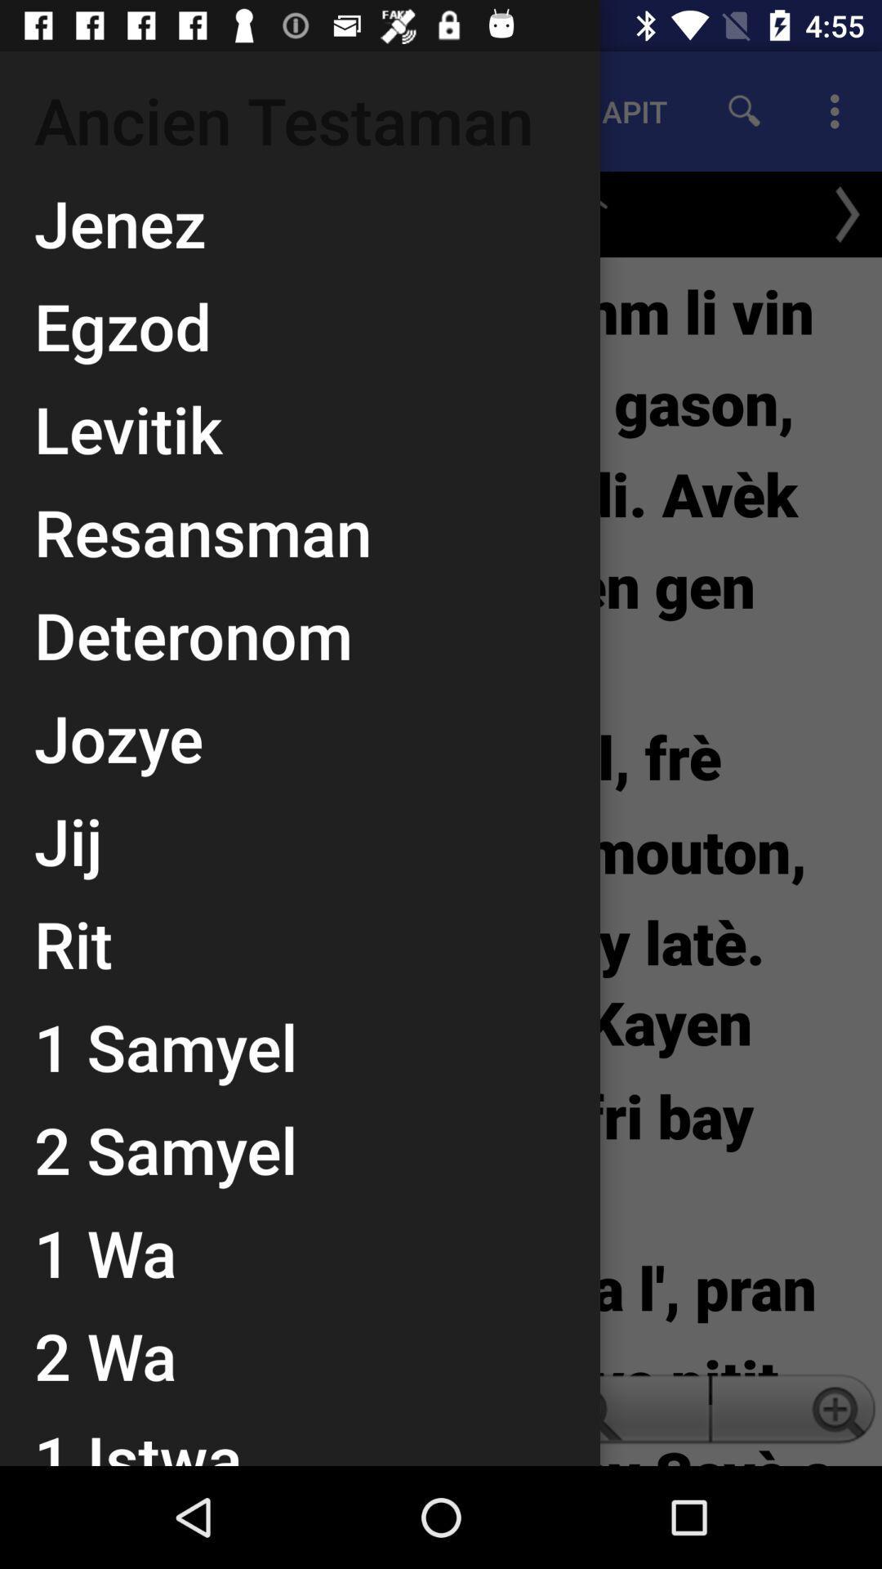 This screenshot has height=1569, width=882. Describe the element at coordinates (744, 111) in the screenshot. I see `the search icon which is before more option` at that location.